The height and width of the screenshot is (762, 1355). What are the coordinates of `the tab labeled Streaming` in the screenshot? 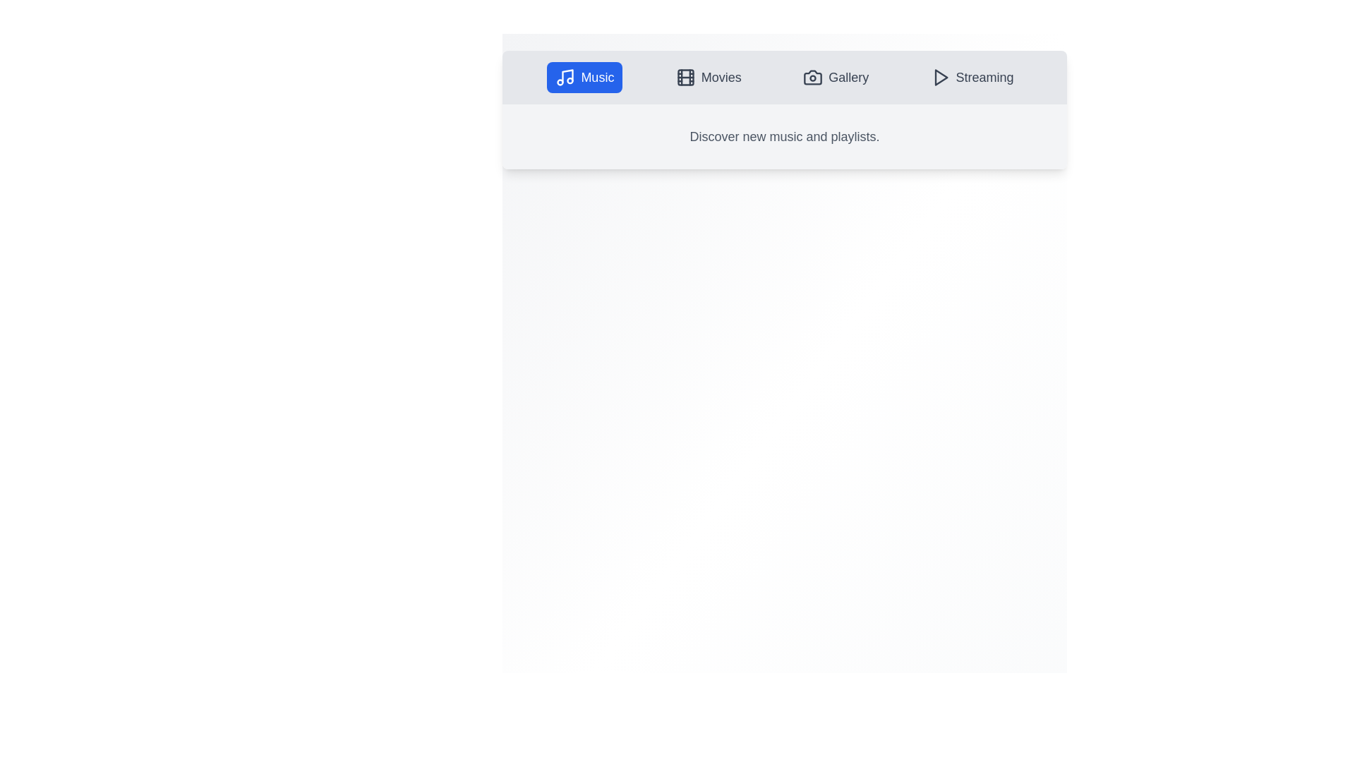 It's located at (971, 78).